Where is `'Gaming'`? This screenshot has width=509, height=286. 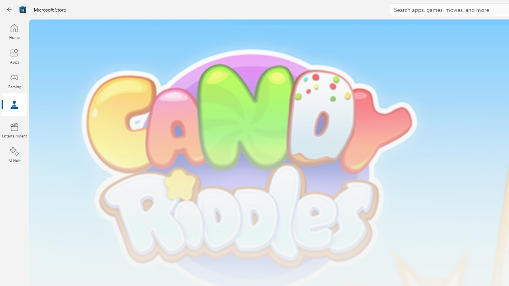
'Gaming' is located at coordinates (14, 81).